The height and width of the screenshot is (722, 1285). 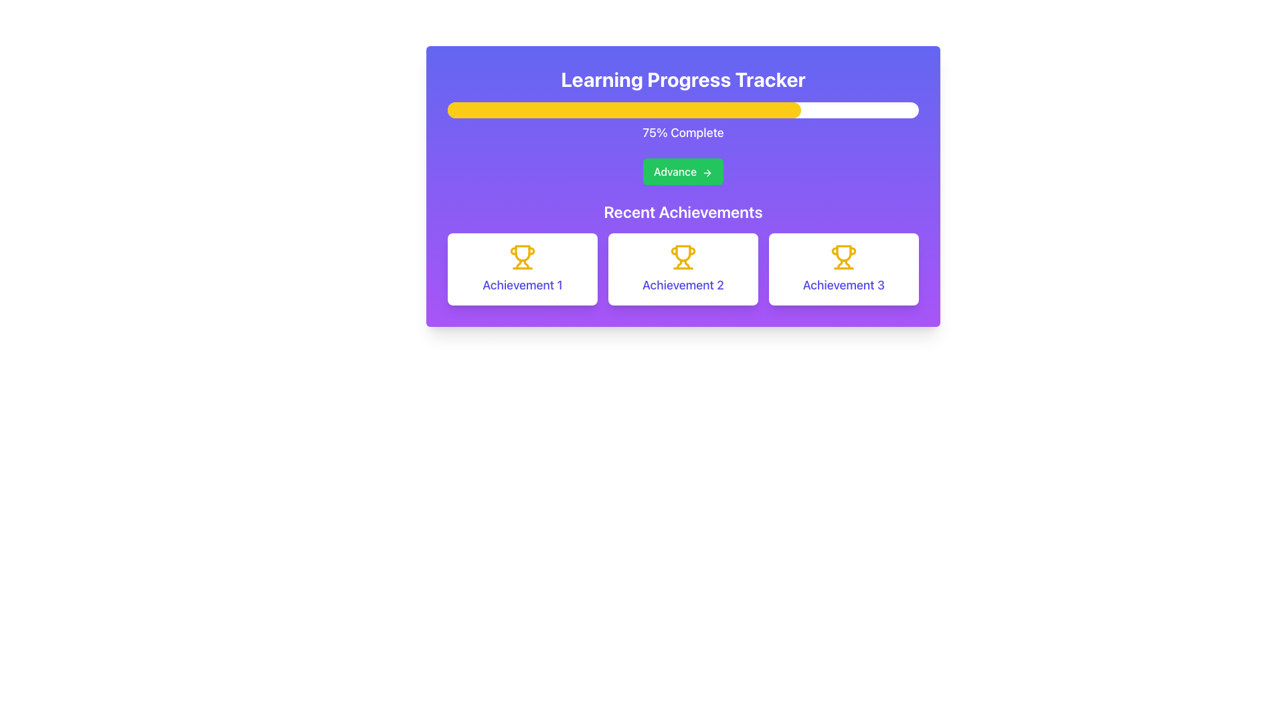 I want to click on the curved golden-yellow line forming the right side of the trophy icon's base within the second achievement card, so click(x=687, y=264).